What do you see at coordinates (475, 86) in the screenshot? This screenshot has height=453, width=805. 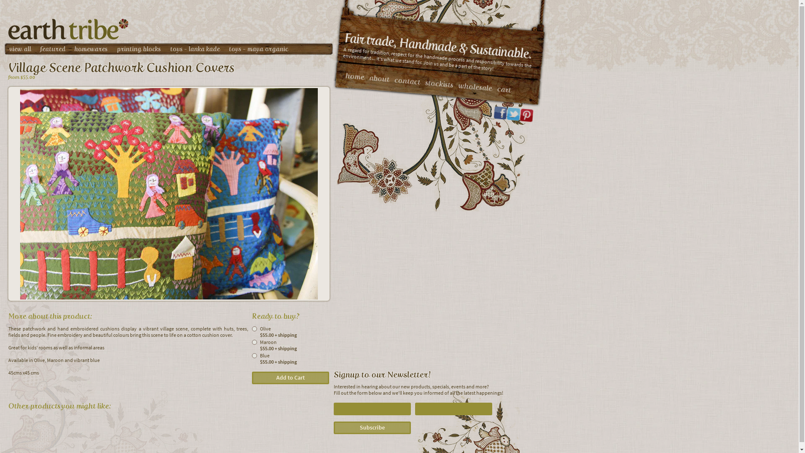 I see `'wholesale'` at bounding box center [475, 86].